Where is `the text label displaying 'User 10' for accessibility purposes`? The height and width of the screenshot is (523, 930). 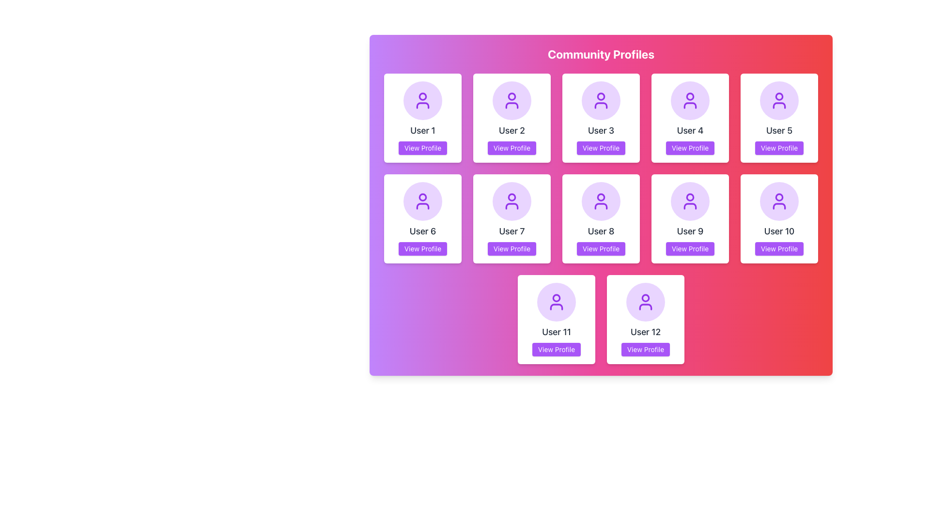
the text label displaying 'User 10' for accessibility purposes is located at coordinates (779, 231).